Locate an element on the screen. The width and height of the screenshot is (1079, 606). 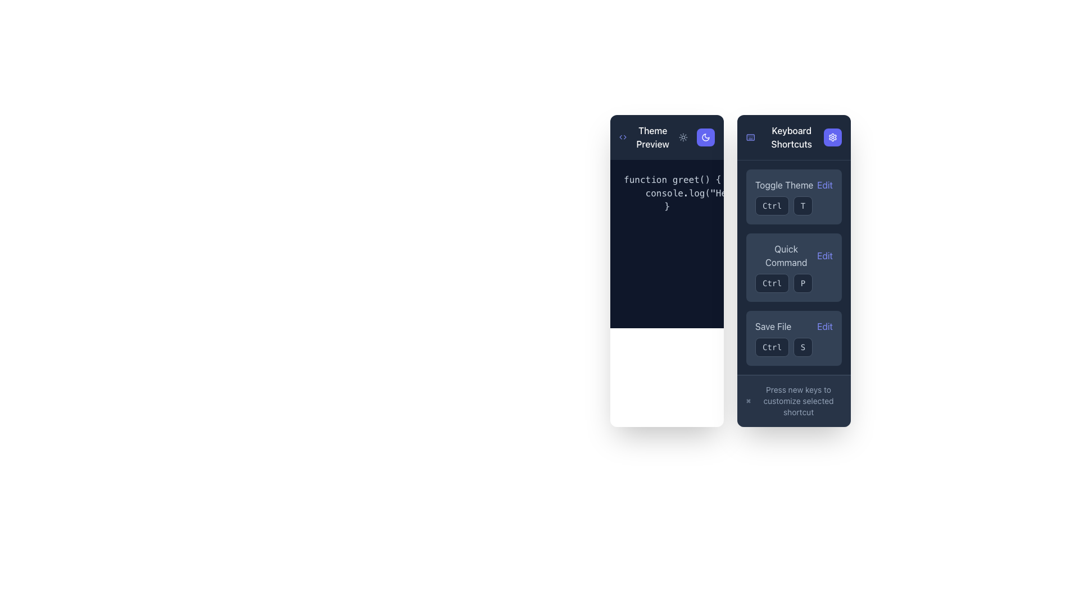
the 'Theme Preview' header bar located at the top of the dark-themed interface, which includes a '<>' symbol and a crescent moon icon is located at coordinates (667, 137).